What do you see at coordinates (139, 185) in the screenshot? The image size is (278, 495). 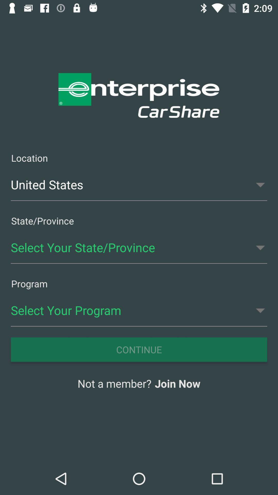 I see `united states` at bounding box center [139, 185].